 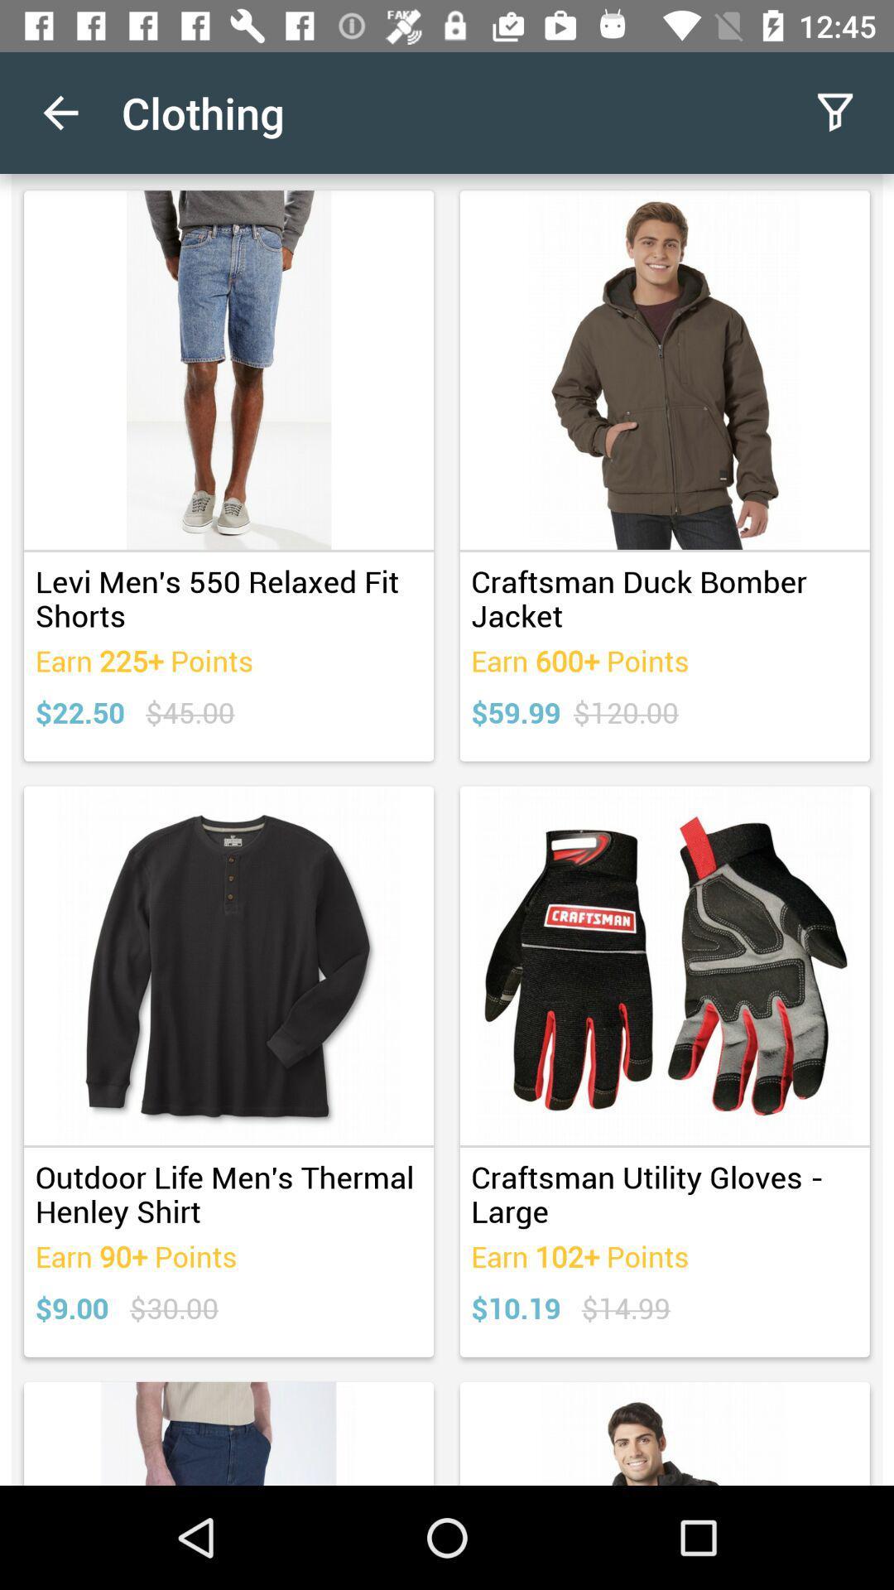 What do you see at coordinates (447, 830) in the screenshot?
I see `advertisement` at bounding box center [447, 830].